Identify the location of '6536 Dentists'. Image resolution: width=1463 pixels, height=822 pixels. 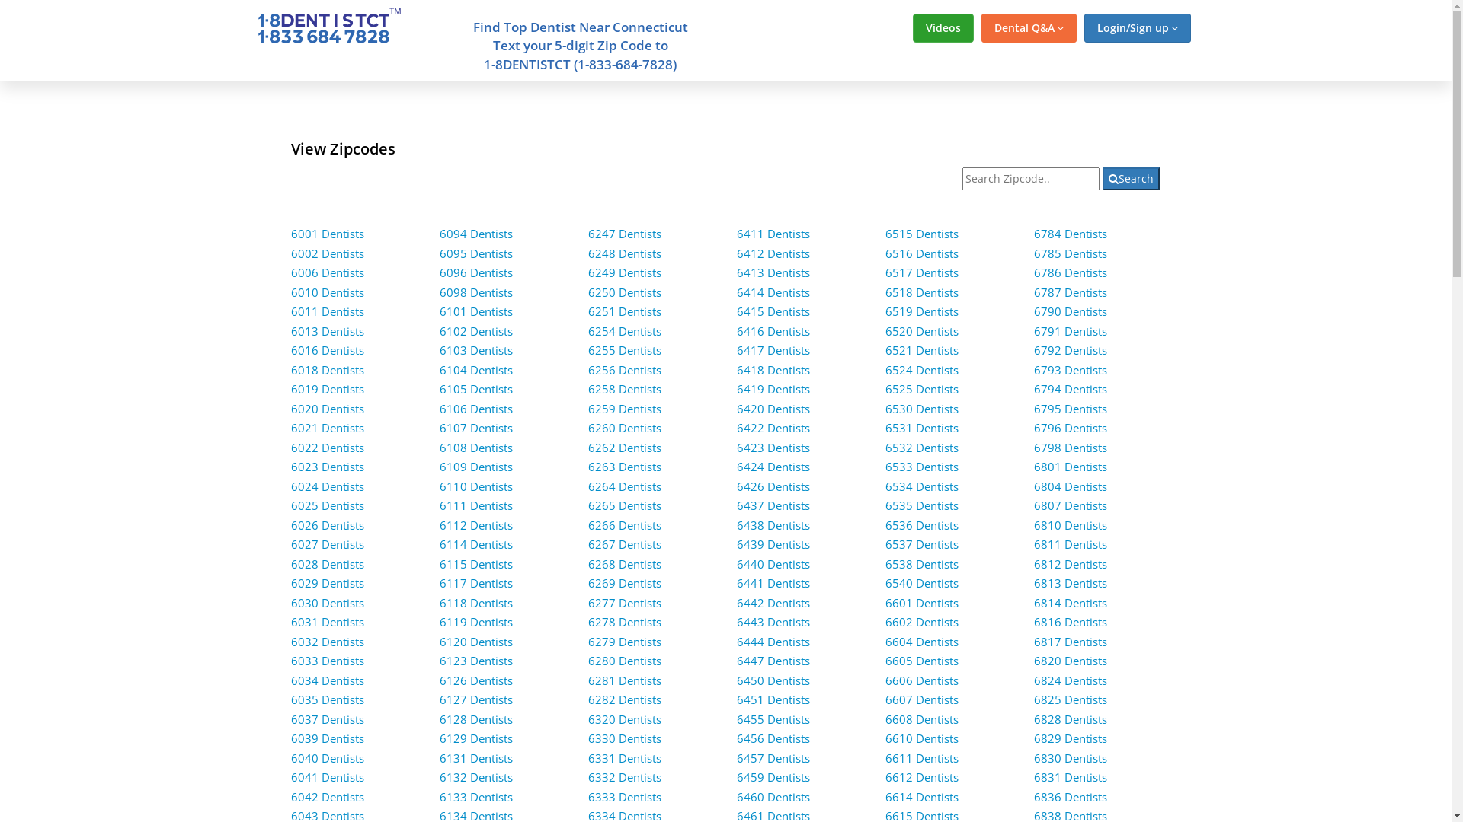
(920, 524).